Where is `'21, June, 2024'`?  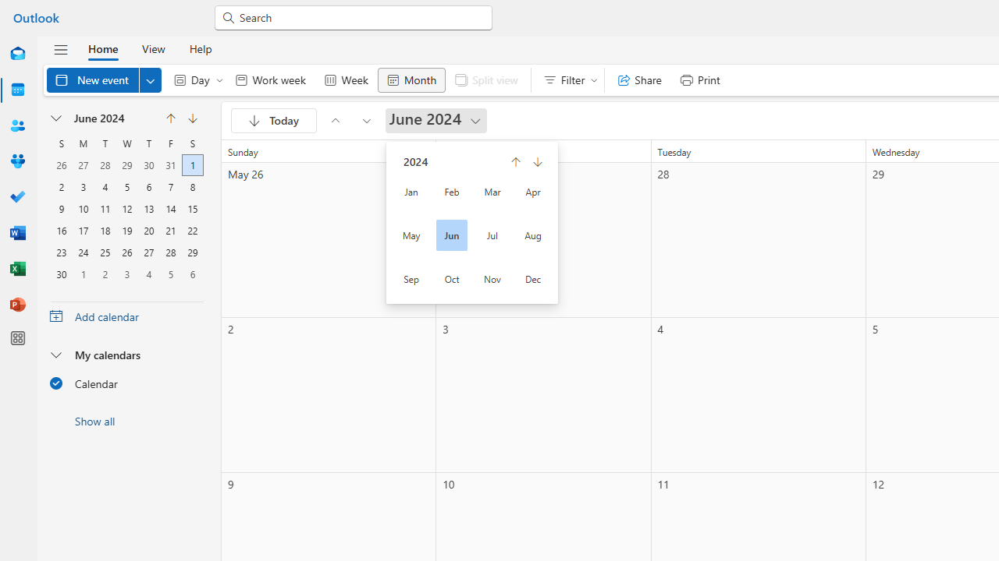 '21, June, 2024' is located at coordinates (170, 229).